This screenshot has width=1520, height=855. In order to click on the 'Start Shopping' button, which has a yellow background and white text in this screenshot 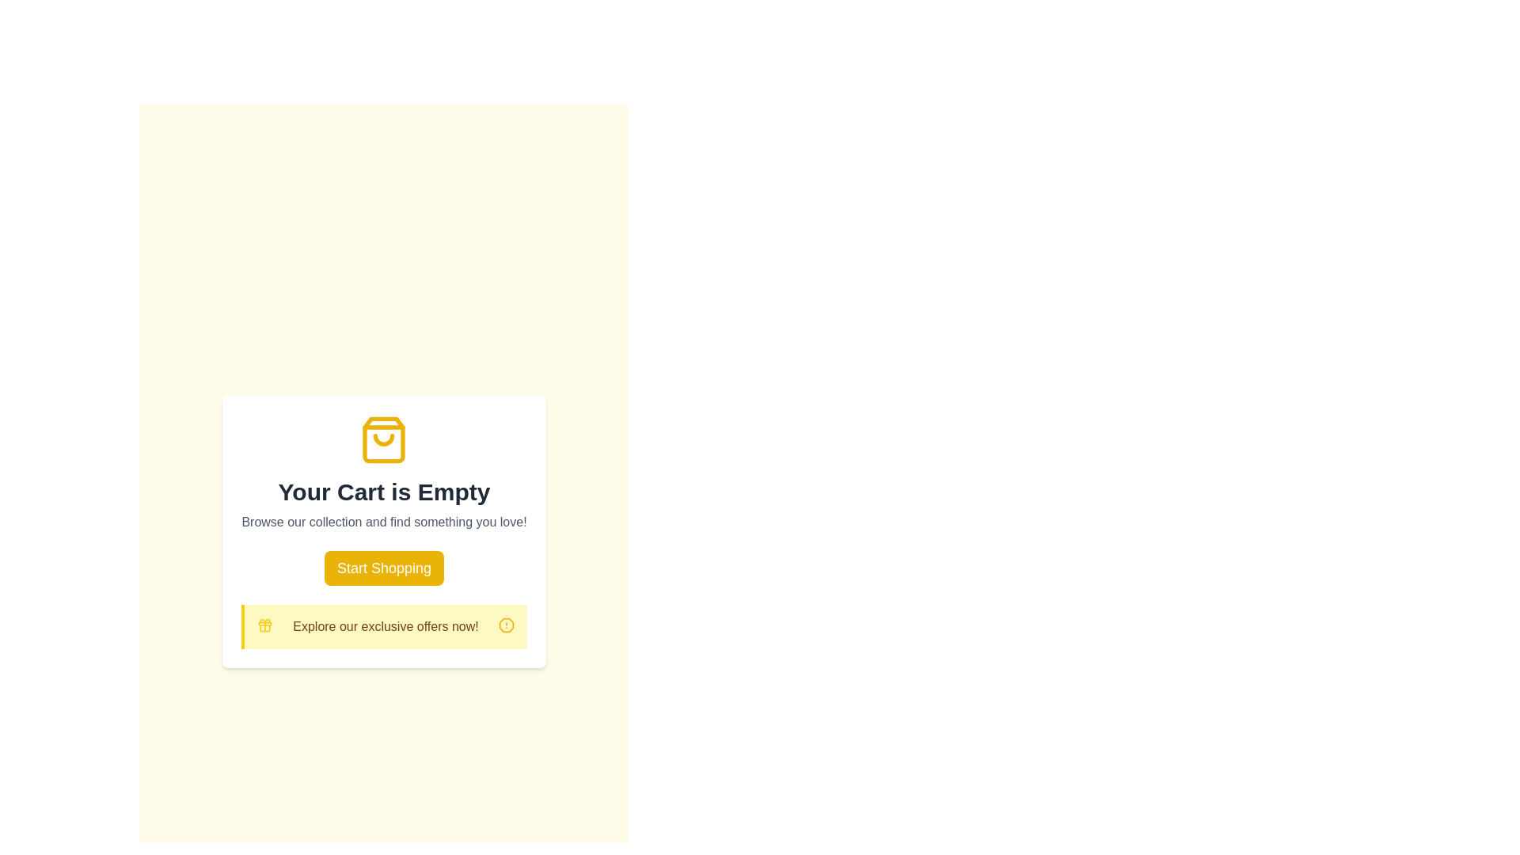, I will do `click(384, 567)`.